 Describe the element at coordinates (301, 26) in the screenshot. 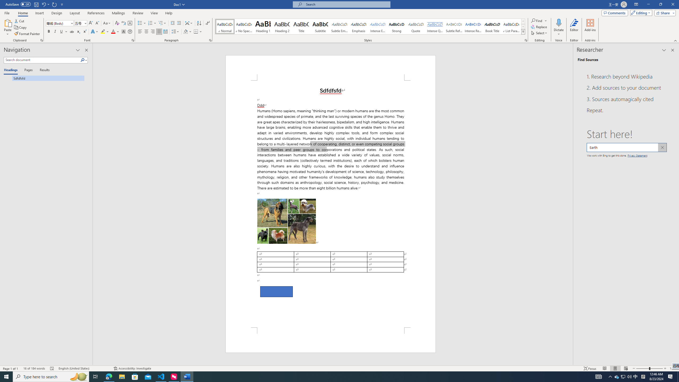

I see `'Title'` at that location.